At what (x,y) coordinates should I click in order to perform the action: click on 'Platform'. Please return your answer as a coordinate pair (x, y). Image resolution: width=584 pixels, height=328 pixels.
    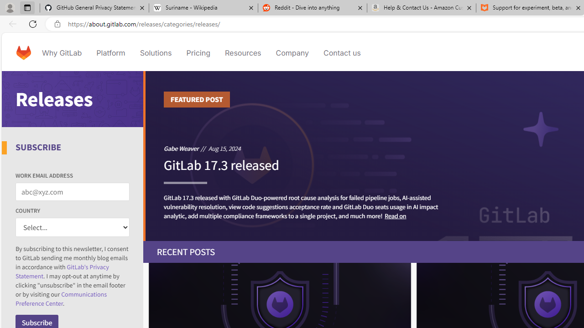
    Looking at the image, I should click on (110, 52).